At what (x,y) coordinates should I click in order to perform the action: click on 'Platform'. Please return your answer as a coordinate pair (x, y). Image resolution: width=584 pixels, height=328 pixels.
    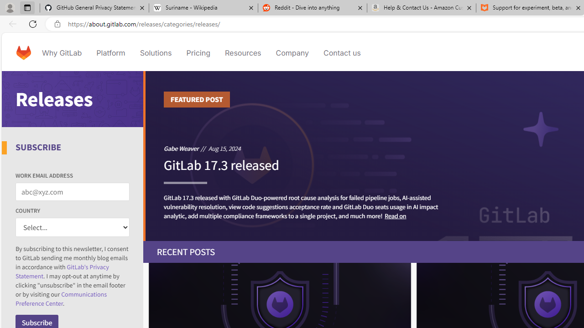
    Looking at the image, I should click on (110, 52).